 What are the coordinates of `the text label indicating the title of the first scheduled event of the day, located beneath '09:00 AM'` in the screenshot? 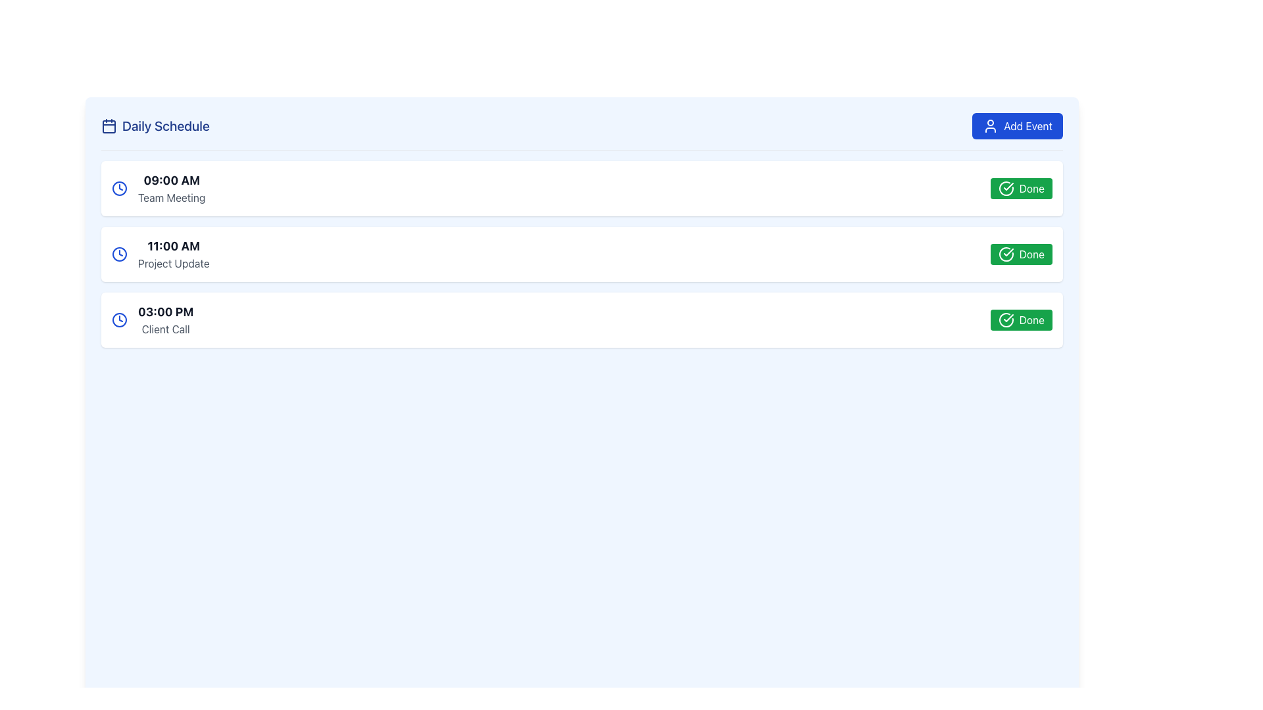 It's located at (171, 197).